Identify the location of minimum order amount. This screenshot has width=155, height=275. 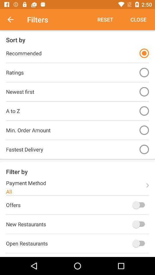
(144, 130).